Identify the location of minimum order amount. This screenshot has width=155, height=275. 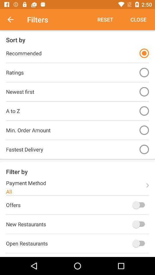
(144, 130).